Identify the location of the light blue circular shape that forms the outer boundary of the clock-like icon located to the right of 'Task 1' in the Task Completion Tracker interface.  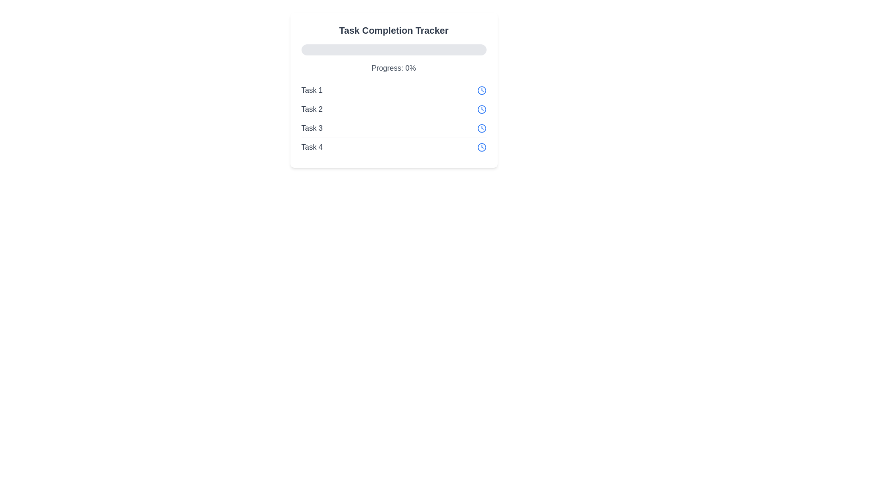
(481, 91).